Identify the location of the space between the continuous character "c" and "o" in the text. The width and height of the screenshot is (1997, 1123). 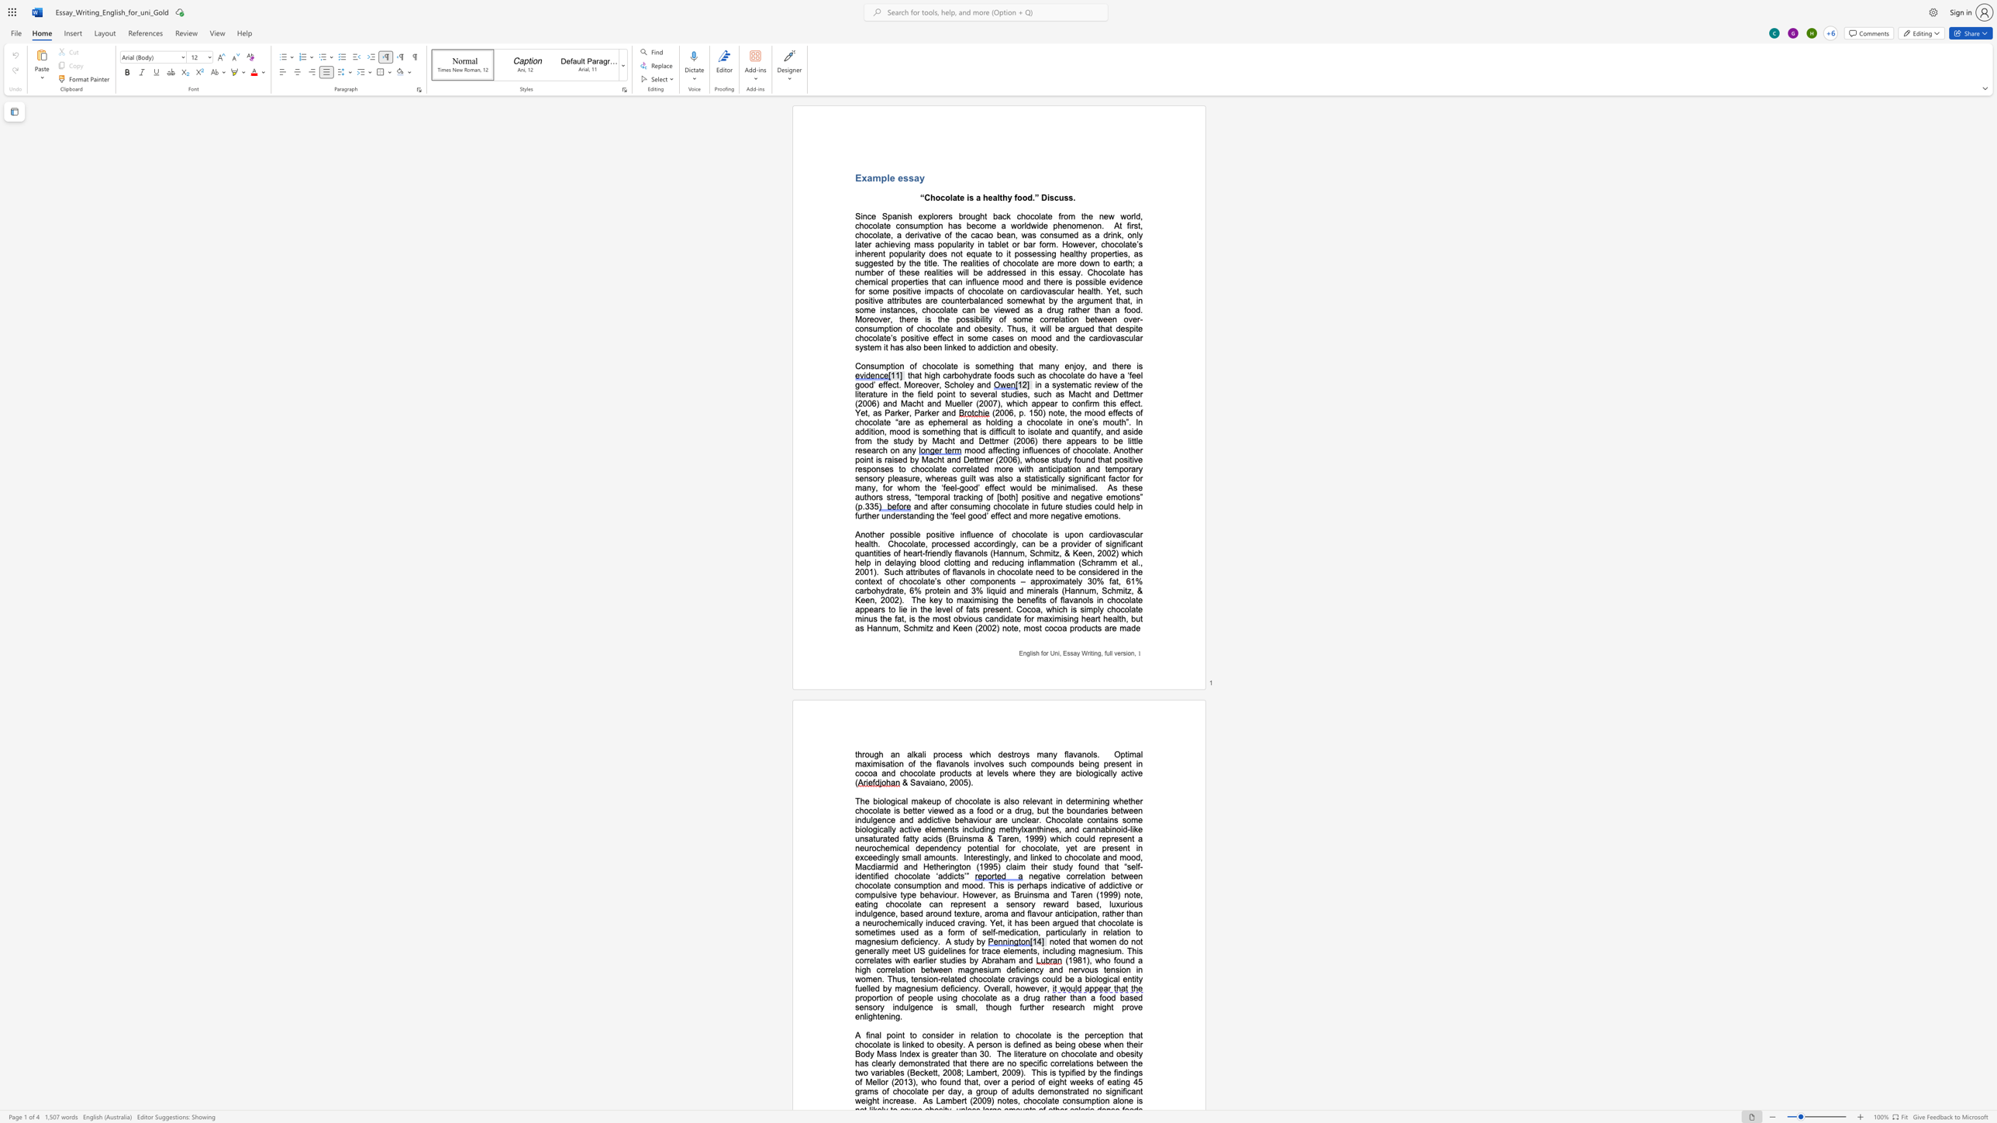
(1075, 403).